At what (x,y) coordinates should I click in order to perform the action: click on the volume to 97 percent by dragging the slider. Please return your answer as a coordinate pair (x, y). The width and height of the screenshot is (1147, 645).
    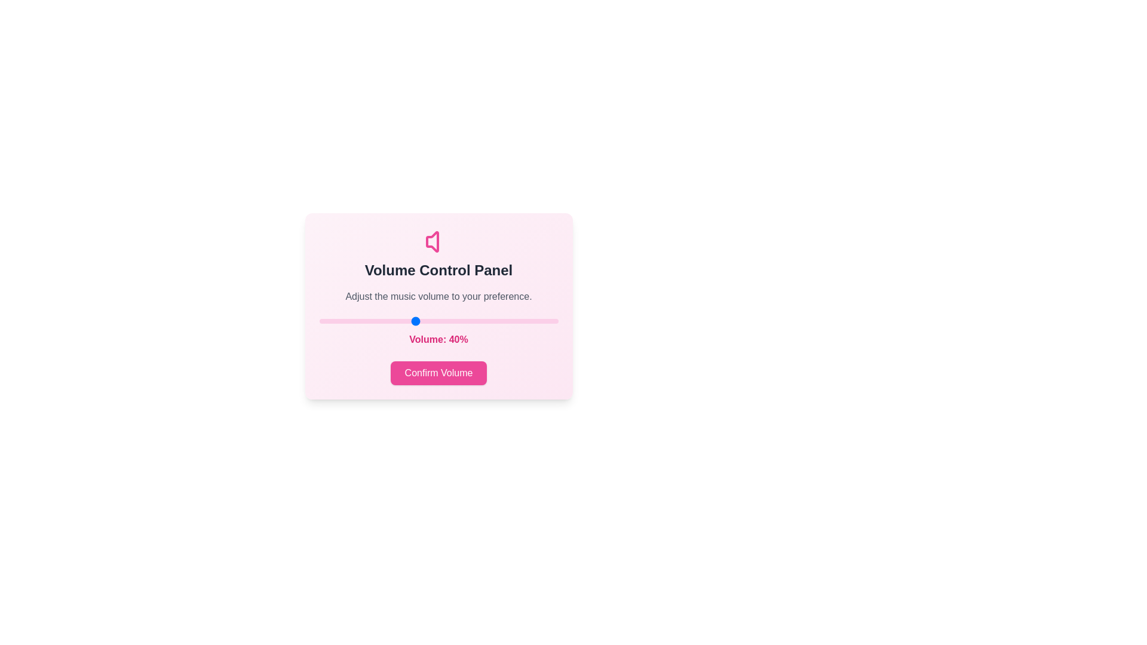
    Looking at the image, I should click on (550, 320).